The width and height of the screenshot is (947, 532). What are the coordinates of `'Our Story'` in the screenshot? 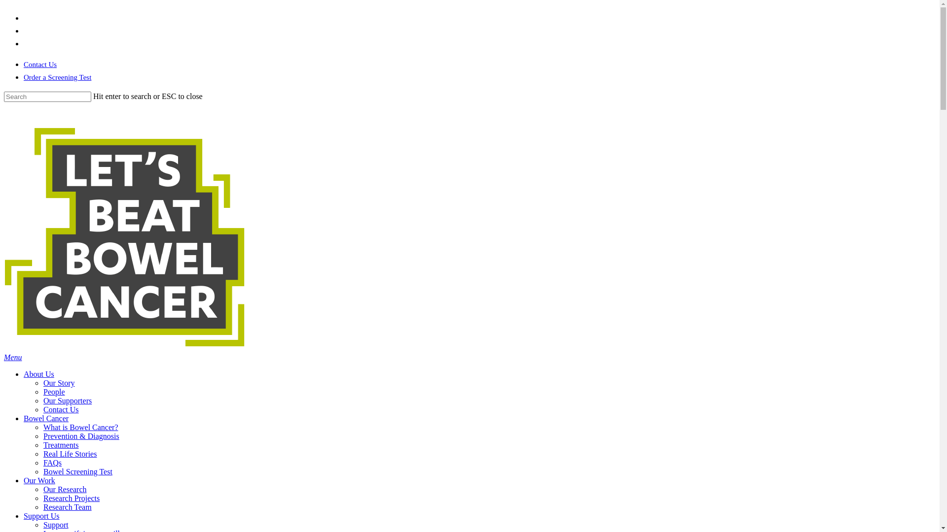 It's located at (59, 382).